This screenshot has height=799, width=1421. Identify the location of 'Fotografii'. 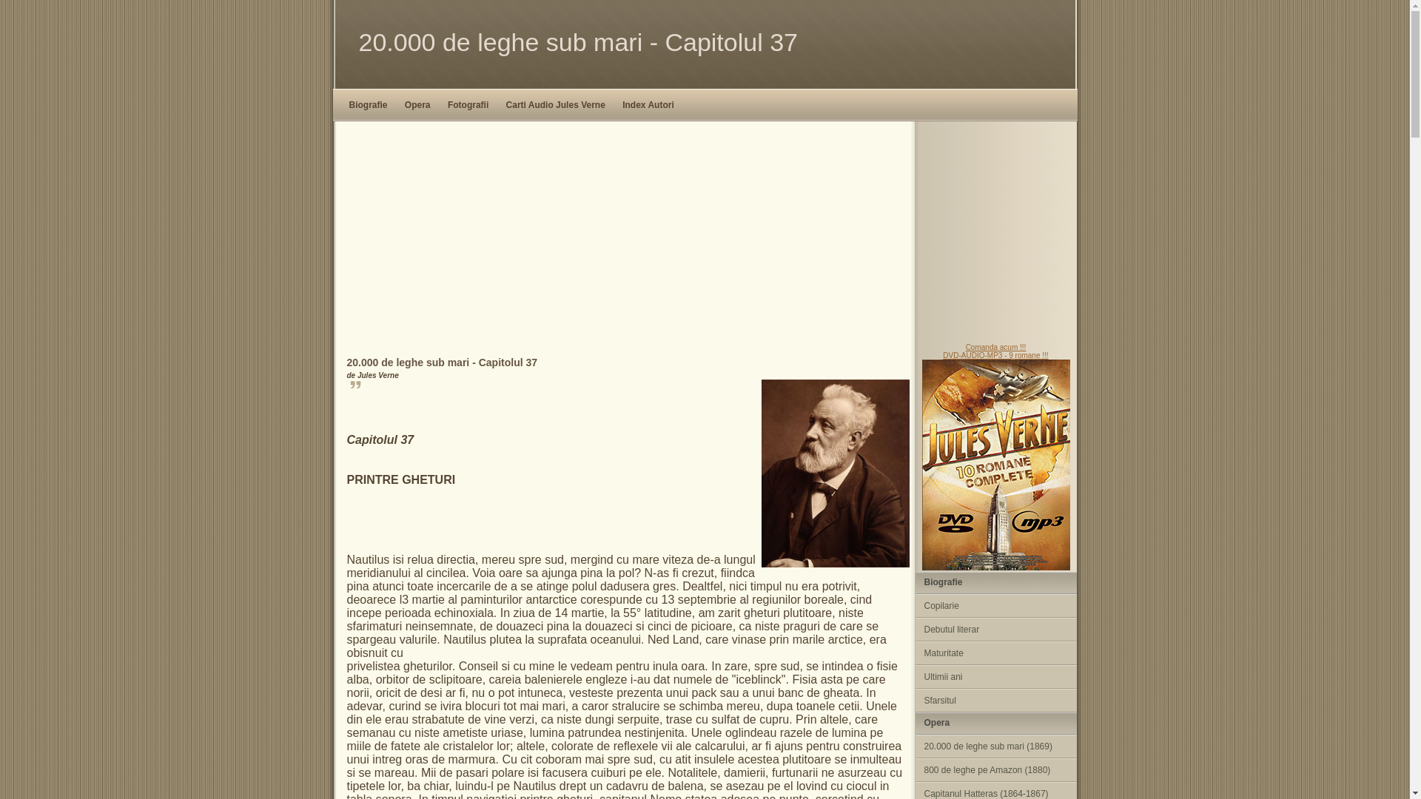
(467, 104).